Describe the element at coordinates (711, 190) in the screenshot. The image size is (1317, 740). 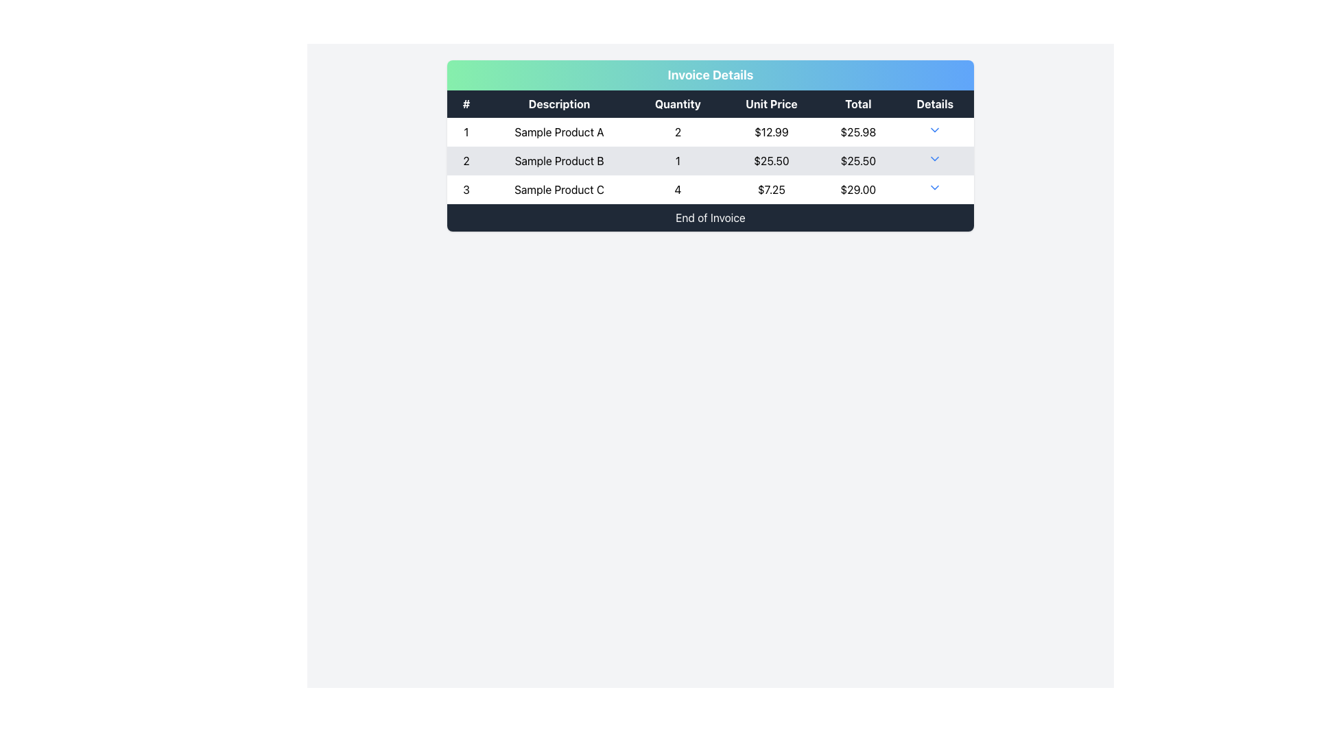
I see `the interactive dropdown indicator in the last row of the 'Invoice Details' table, specifically for 'Sample Product C'` at that location.